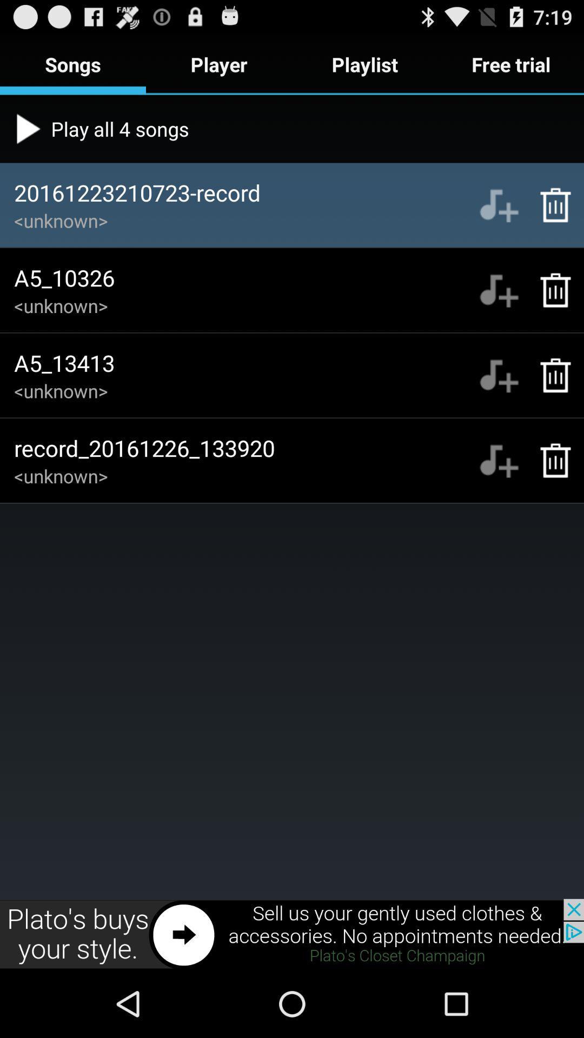 The image size is (584, 1038). What do you see at coordinates (499, 205) in the screenshot?
I see `song` at bounding box center [499, 205].